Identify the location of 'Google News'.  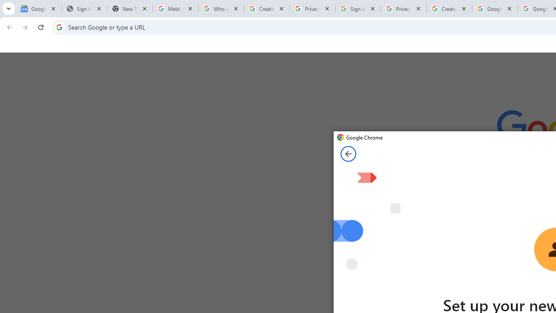
(38, 9).